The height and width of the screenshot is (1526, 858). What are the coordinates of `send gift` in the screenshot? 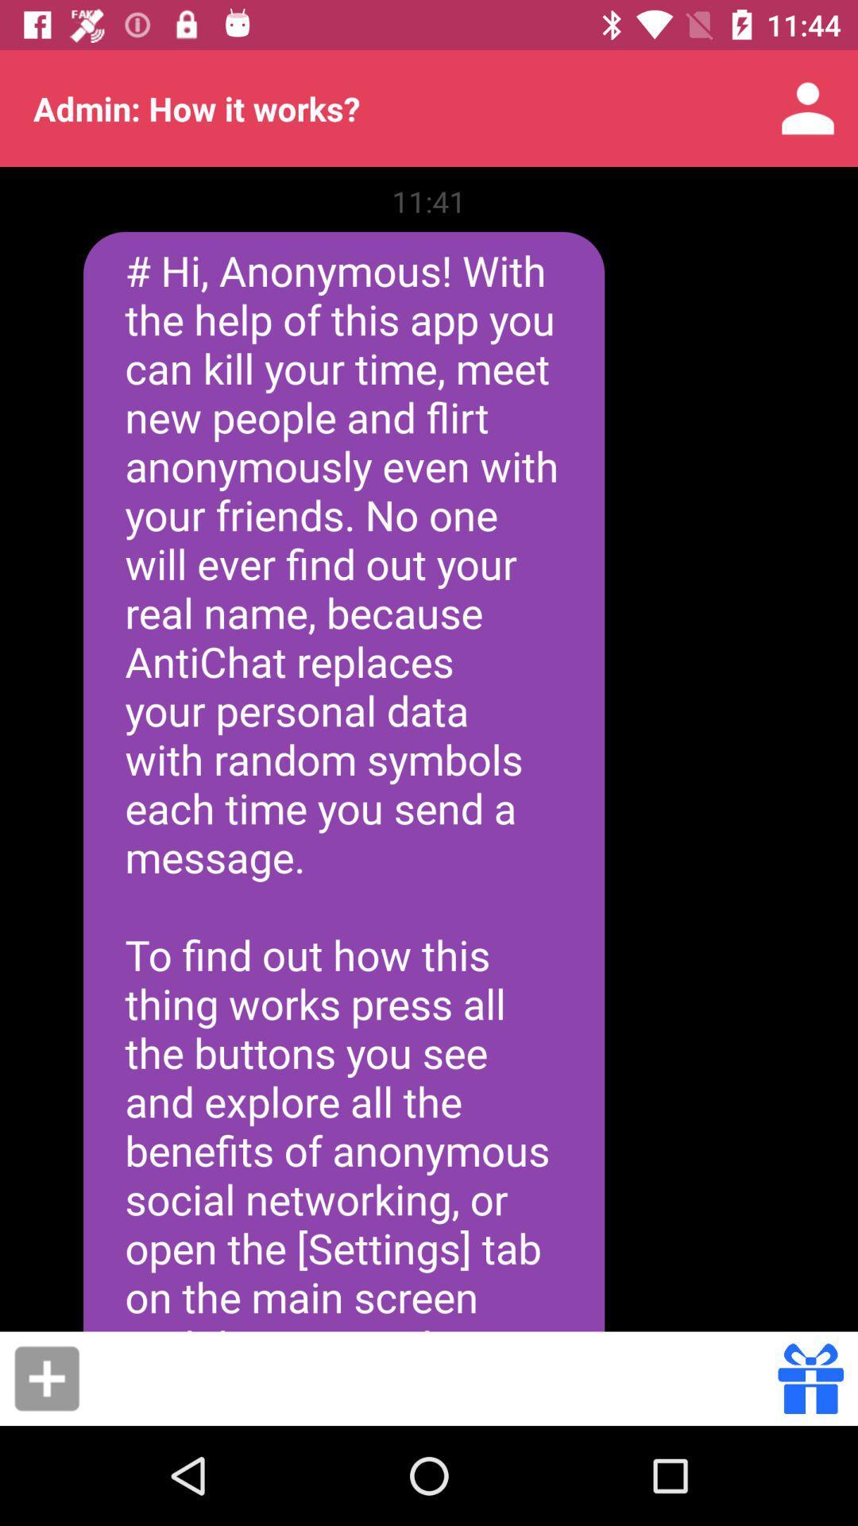 It's located at (810, 1377).